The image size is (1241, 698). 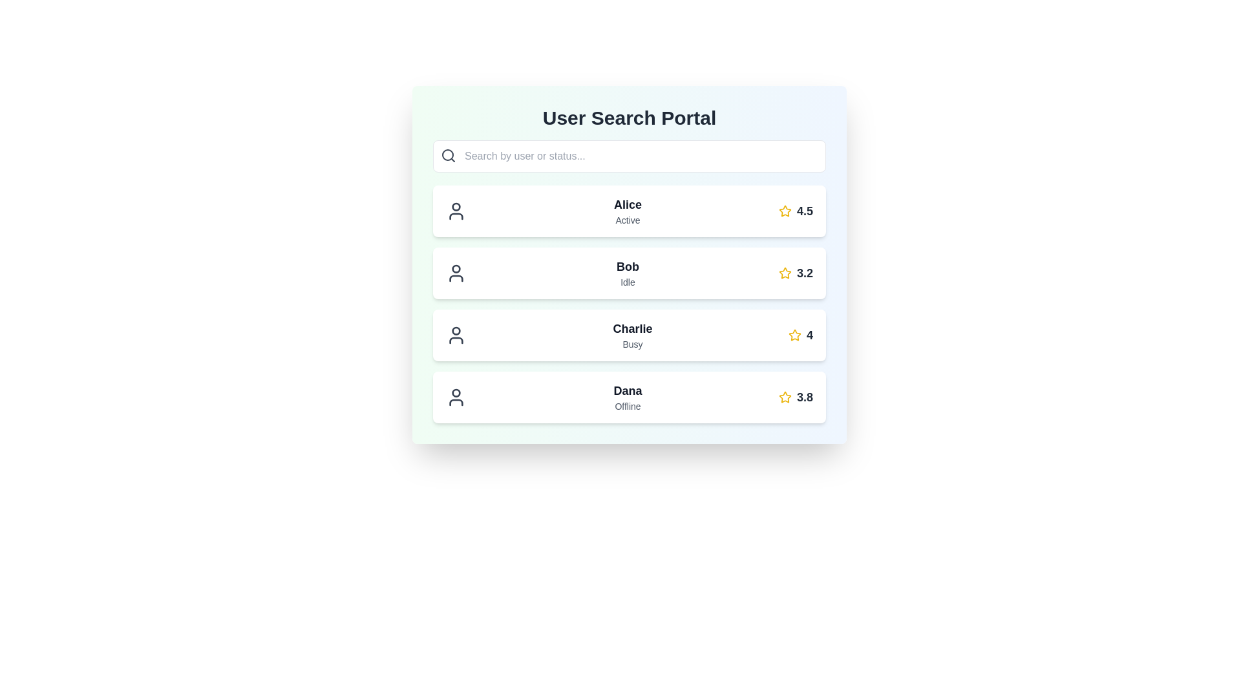 I want to click on the yellow outlined star icon displaying the rating '4.5' for user 'Alice', so click(x=795, y=211).